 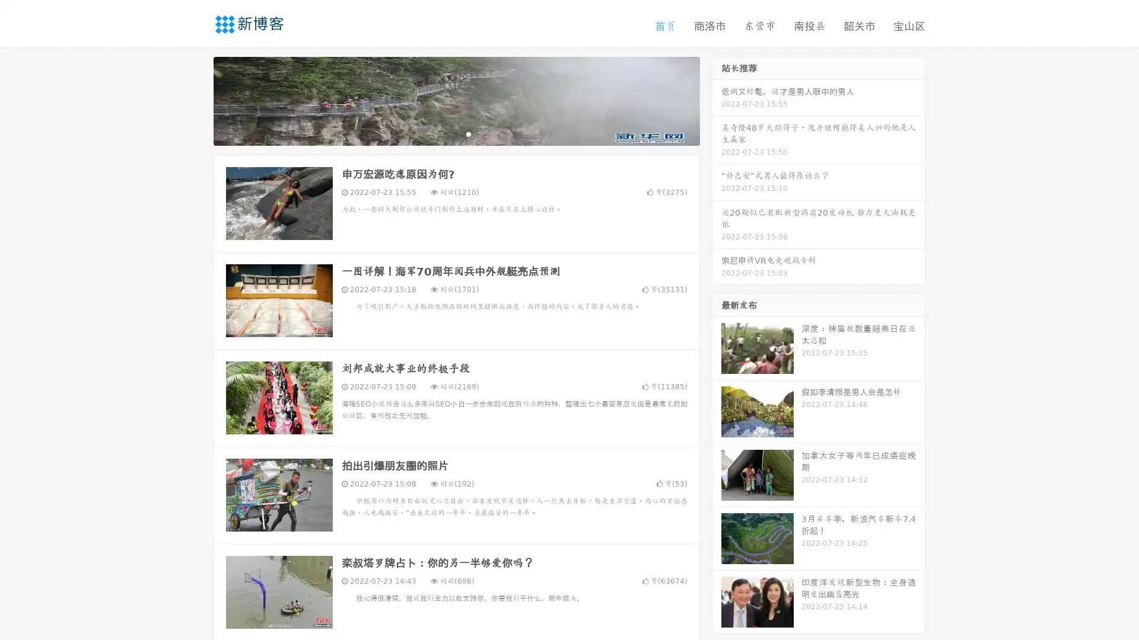 I want to click on Next slide, so click(x=717, y=100).